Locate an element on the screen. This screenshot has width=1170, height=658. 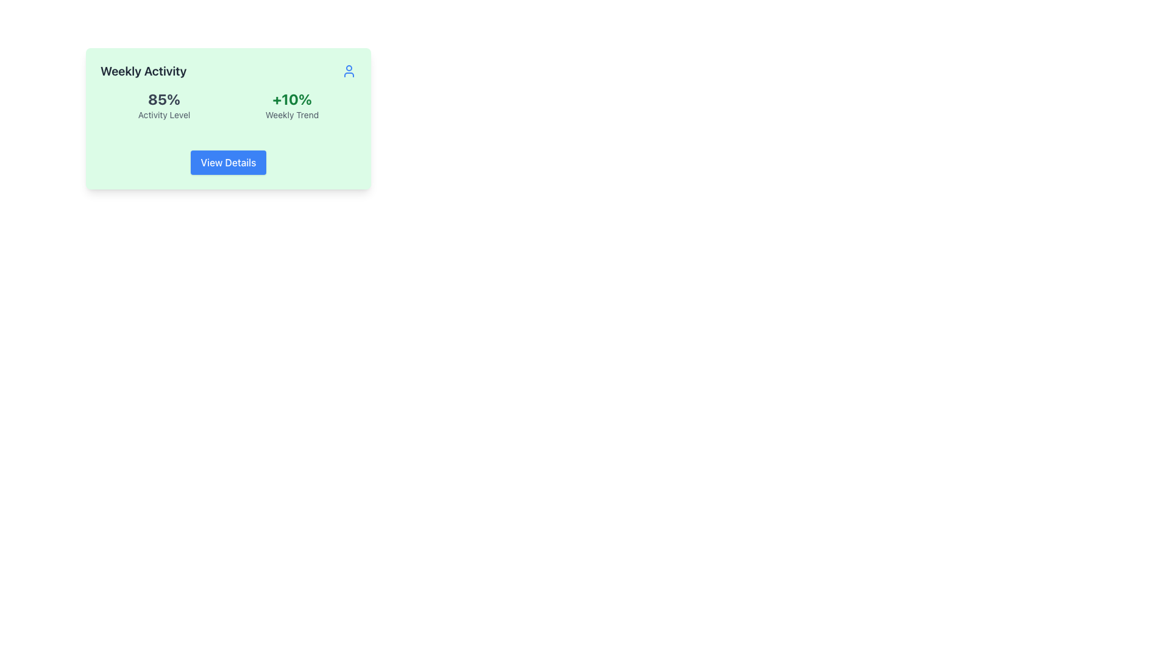
the text-based UI component displaying '85%' in bold, large, dark-gray font and 'Activity Level' in smaller, lighter-gray font, located on the left side of the 'Weekly Activity' section is located at coordinates (163, 105).